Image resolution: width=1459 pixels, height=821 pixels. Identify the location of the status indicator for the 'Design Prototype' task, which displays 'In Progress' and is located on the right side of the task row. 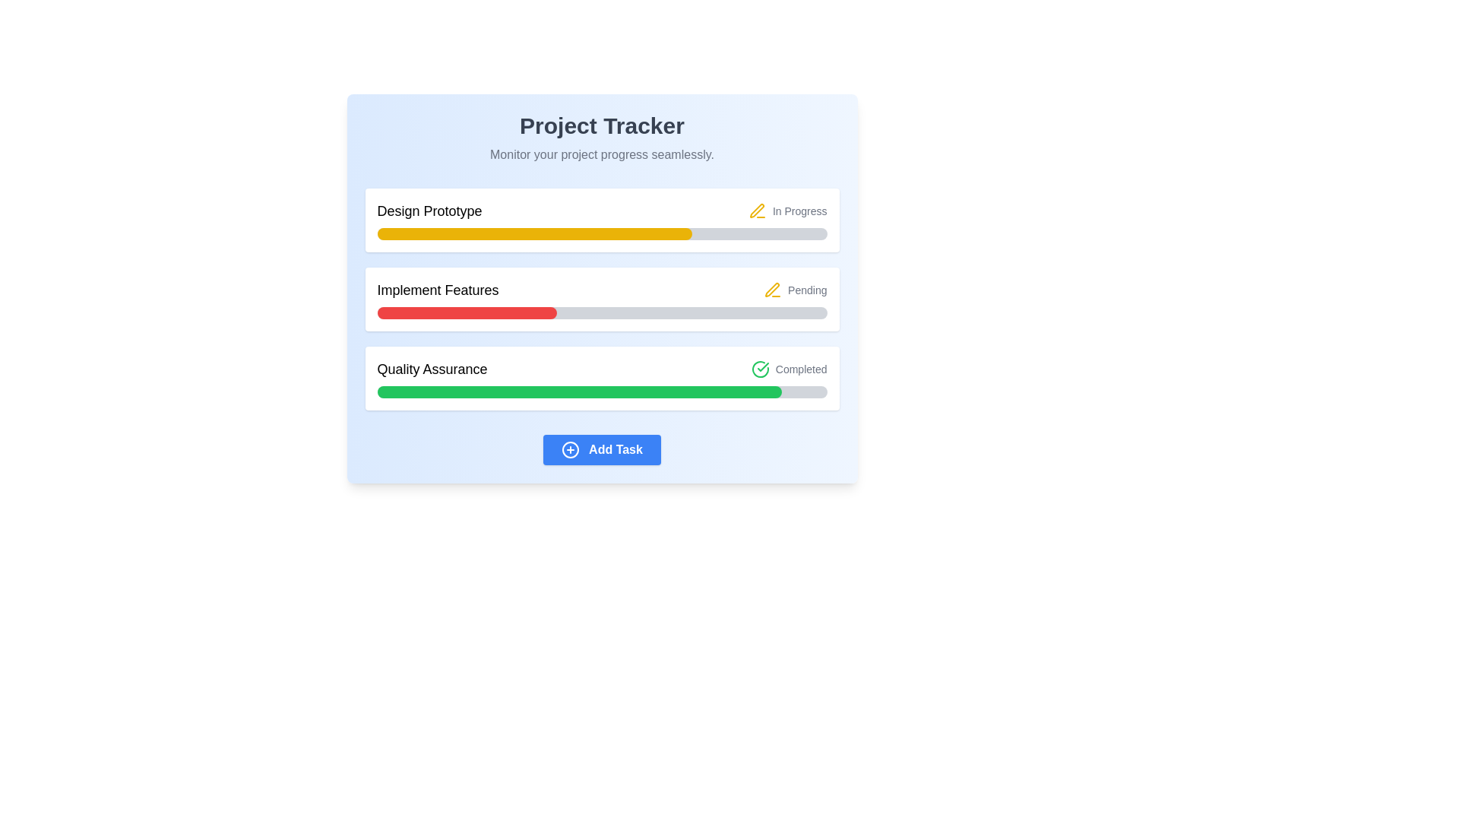
(787, 211).